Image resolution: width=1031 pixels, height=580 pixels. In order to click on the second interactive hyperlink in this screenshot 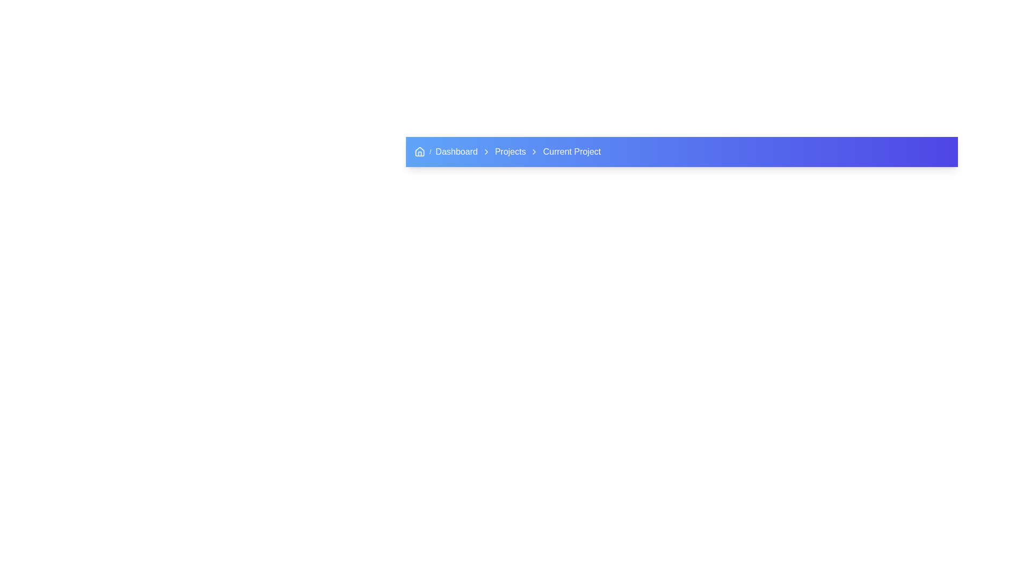, I will do `click(456, 151)`.